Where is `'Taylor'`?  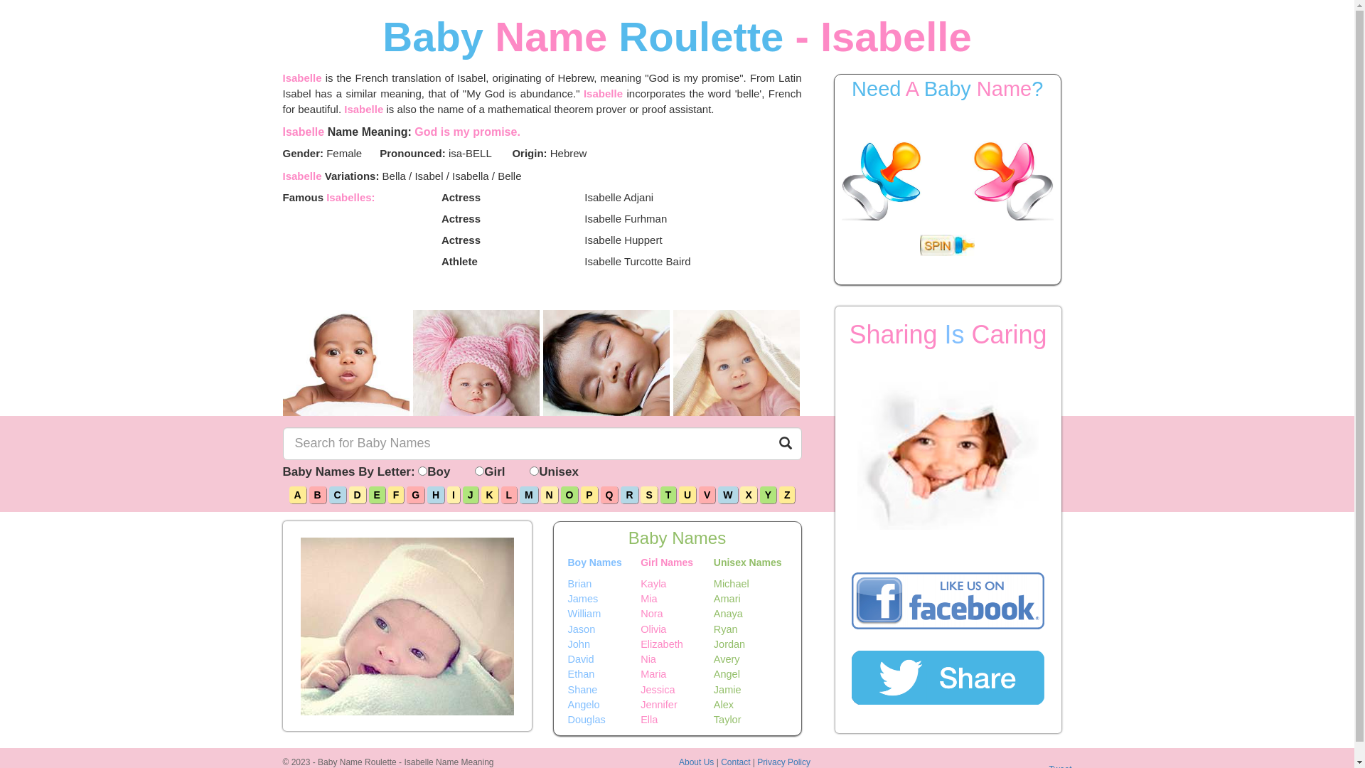 'Taylor' is located at coordinates (749, 720).